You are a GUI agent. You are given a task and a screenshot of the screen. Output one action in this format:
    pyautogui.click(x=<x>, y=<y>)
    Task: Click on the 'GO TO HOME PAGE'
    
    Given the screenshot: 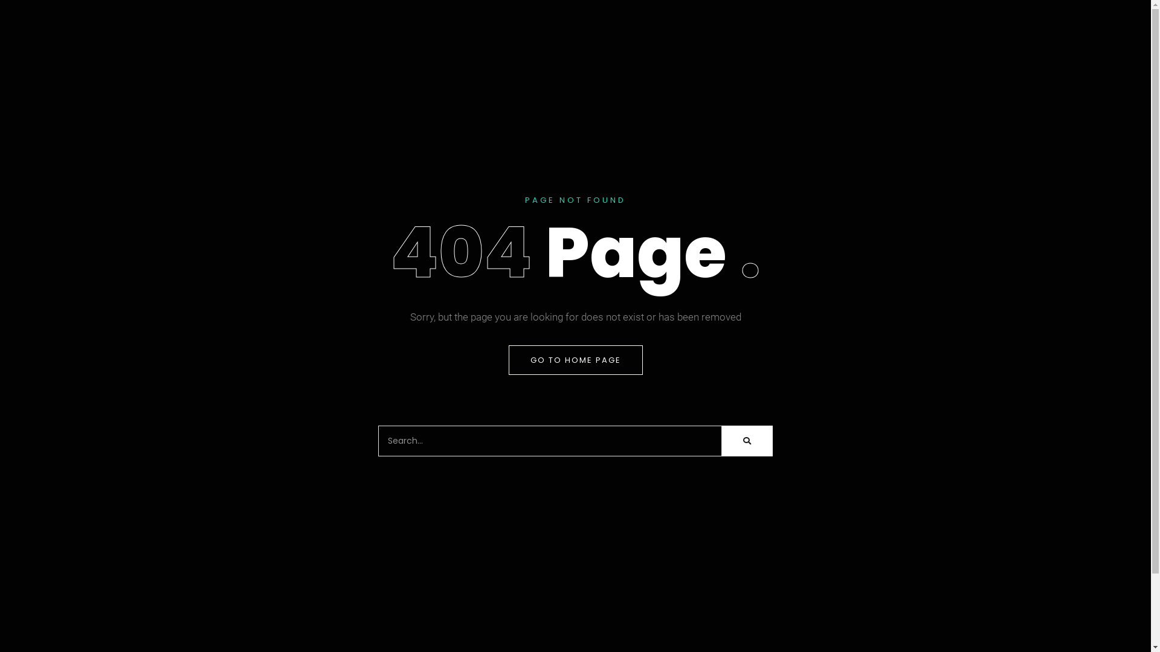 What is the action you would take?
    pyautogui.click(x=575, y=359)
    